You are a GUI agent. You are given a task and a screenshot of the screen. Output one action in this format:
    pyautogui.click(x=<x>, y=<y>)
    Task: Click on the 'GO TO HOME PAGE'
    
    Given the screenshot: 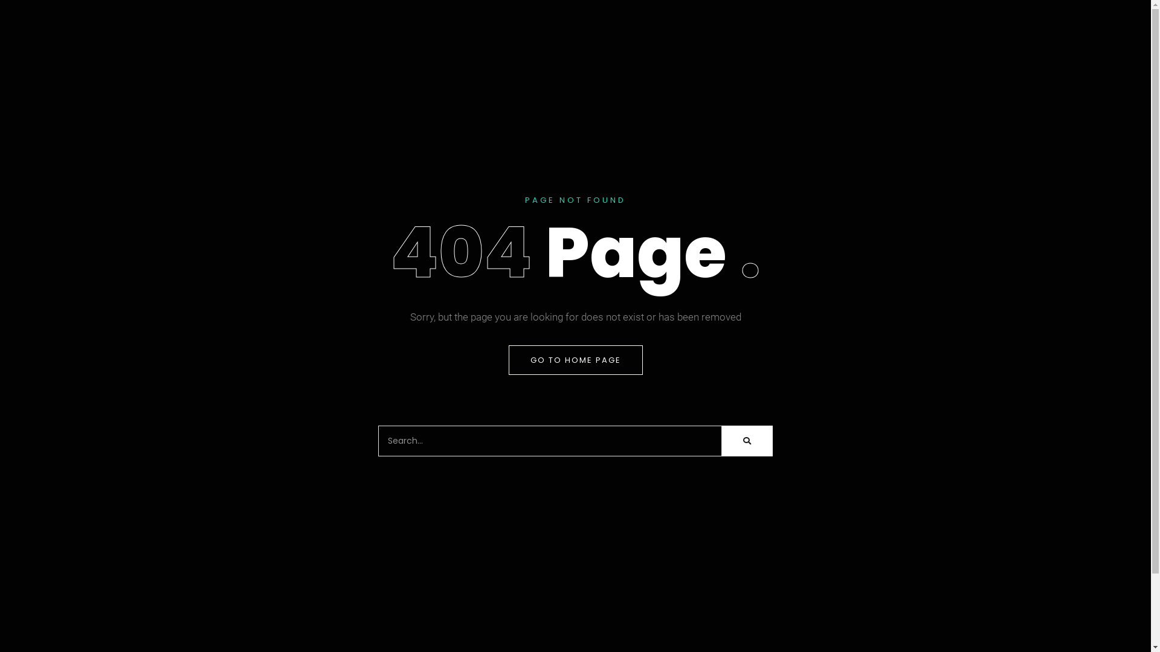 What is the action you would take?
    pyautogui.click(x=575, y=359)
    